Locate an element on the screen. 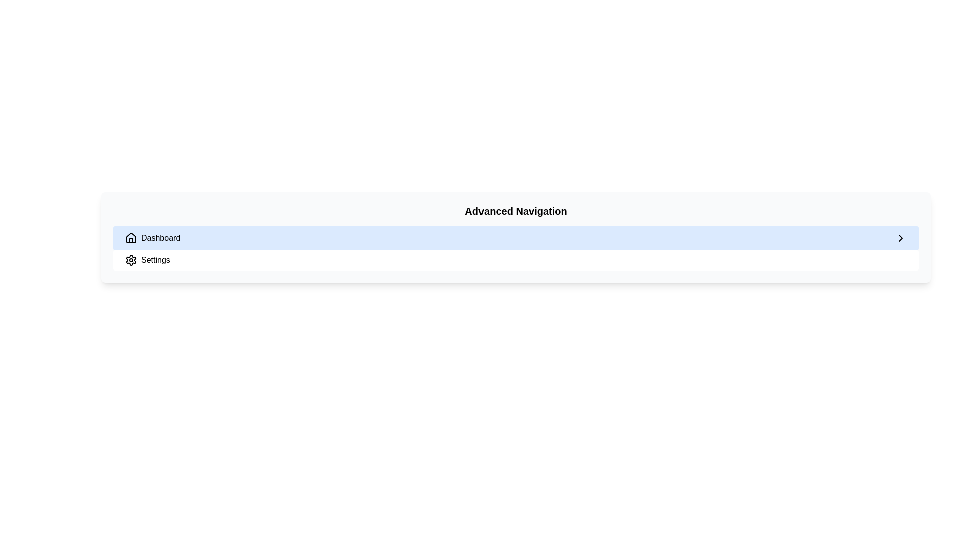 This screenshot has height=541, width=961. the 'Dashboard' text label is located at coordinates (161, 238).